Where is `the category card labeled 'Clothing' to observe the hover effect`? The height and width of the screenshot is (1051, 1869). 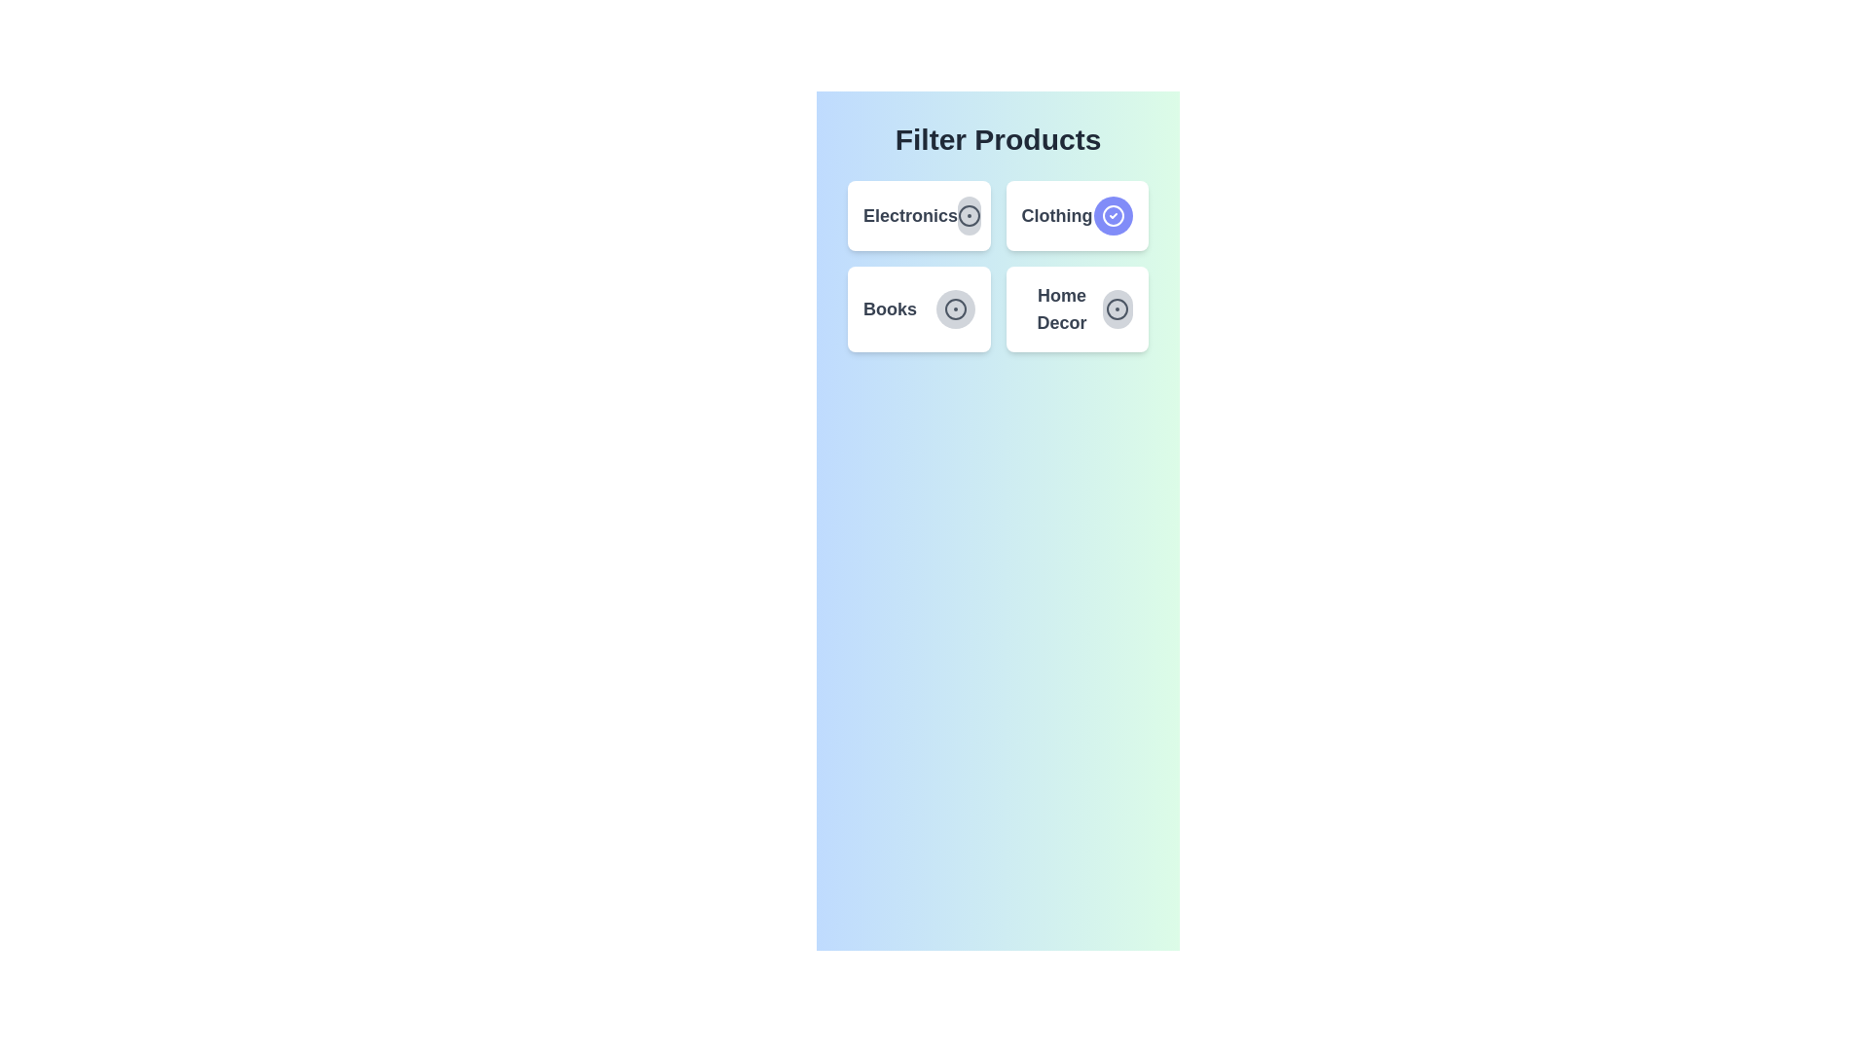
the category card labeled 'Clothing' to observe the hover effect is located at coordinates (1076, 216).